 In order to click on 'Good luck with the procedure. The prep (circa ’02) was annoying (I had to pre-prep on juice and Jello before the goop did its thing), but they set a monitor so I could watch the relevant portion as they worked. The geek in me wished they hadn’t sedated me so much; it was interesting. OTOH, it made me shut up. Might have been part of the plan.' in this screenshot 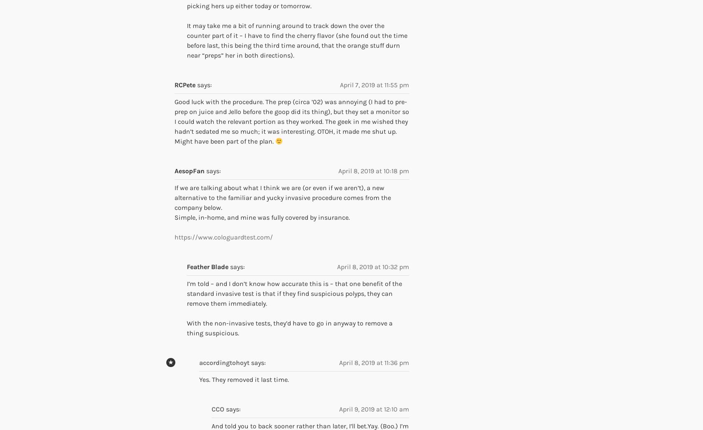, I will do `click(291, 121)`.